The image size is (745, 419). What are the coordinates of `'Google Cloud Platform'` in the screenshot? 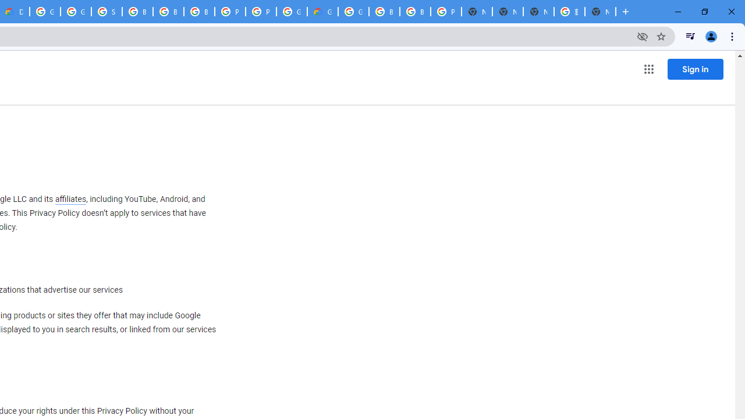 It's located at (353, 12).